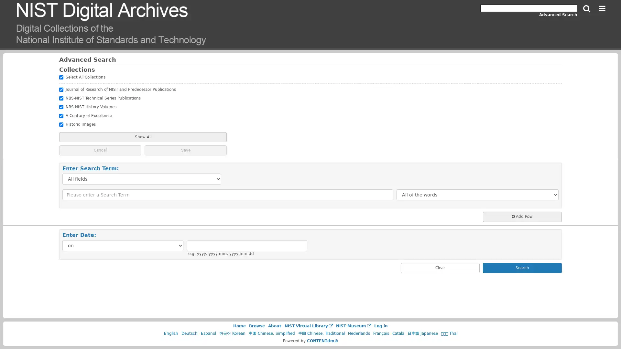 This screenshot has width=621, height=349. What do you see at coordinates (232, 333) in the screenshot?
I see `Korean` at bounding box center [232, 333].